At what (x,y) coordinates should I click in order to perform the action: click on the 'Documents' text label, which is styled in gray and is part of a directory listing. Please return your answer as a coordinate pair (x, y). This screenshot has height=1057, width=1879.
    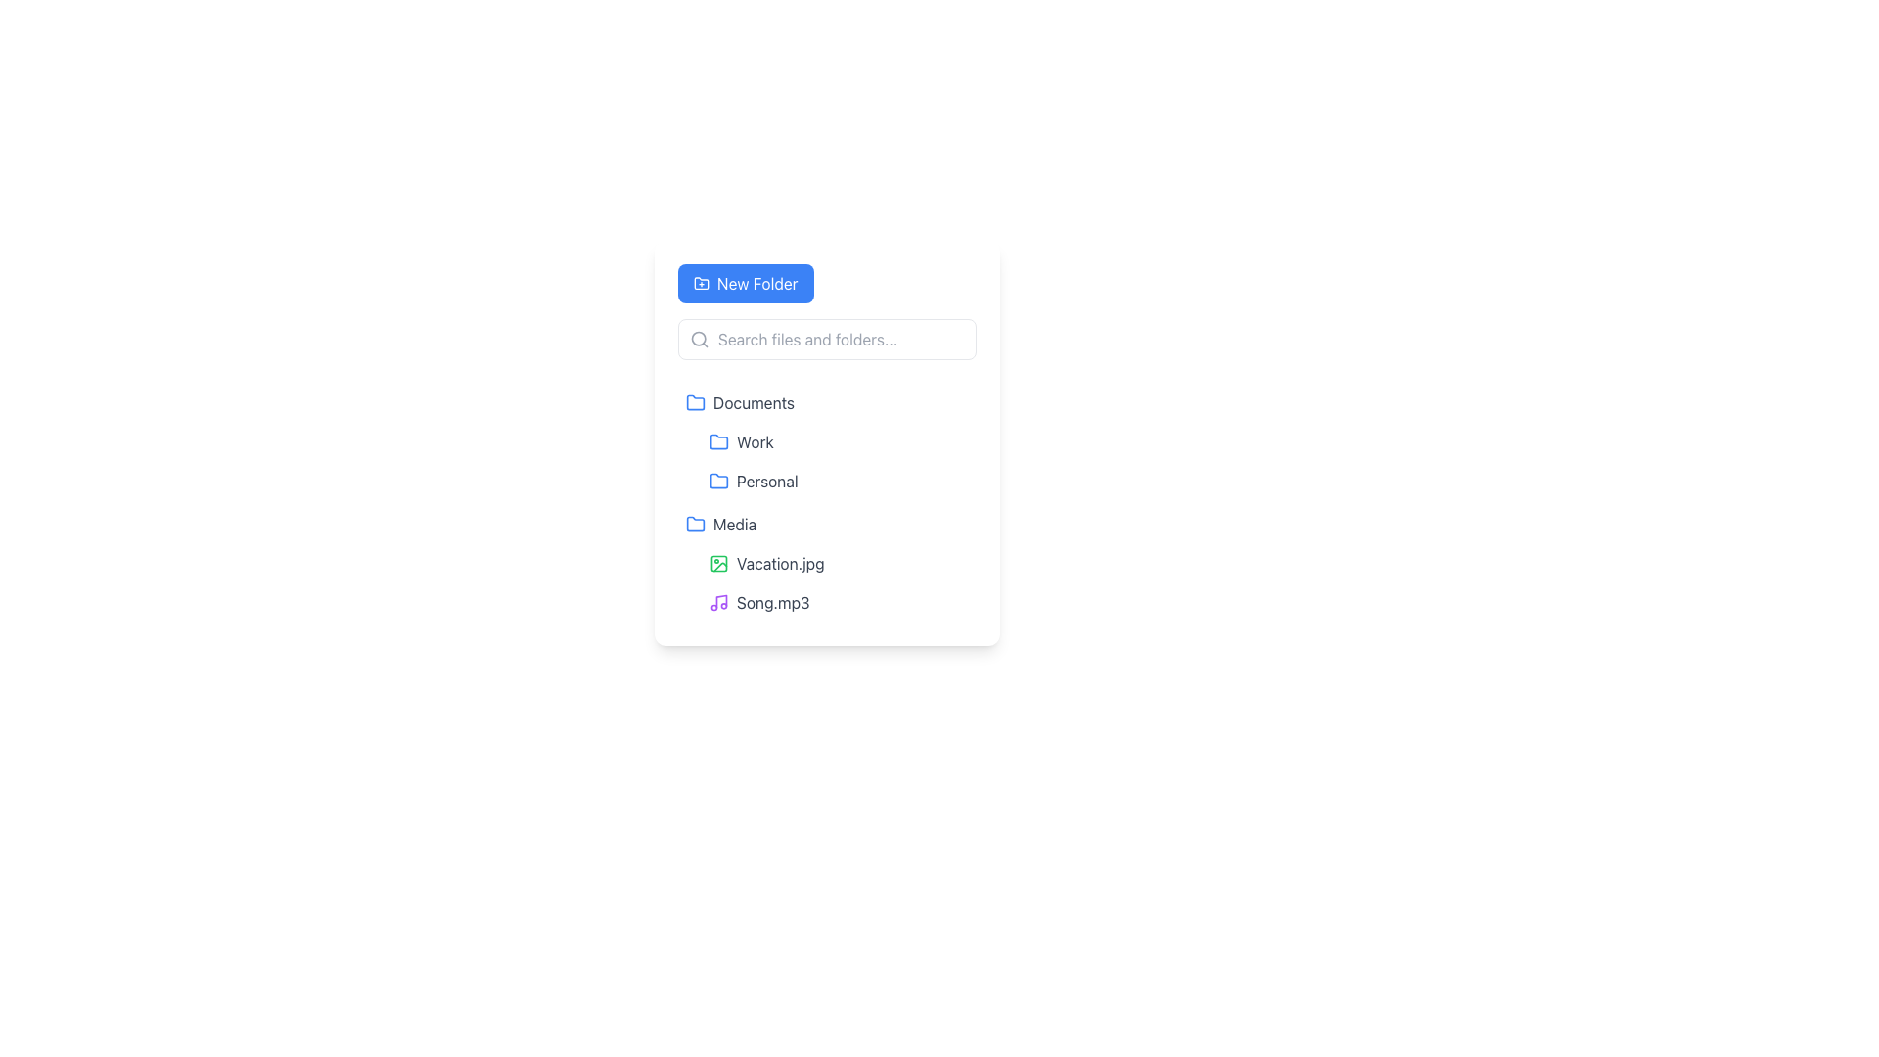
    Looking at the image, I should click on (753, 402).